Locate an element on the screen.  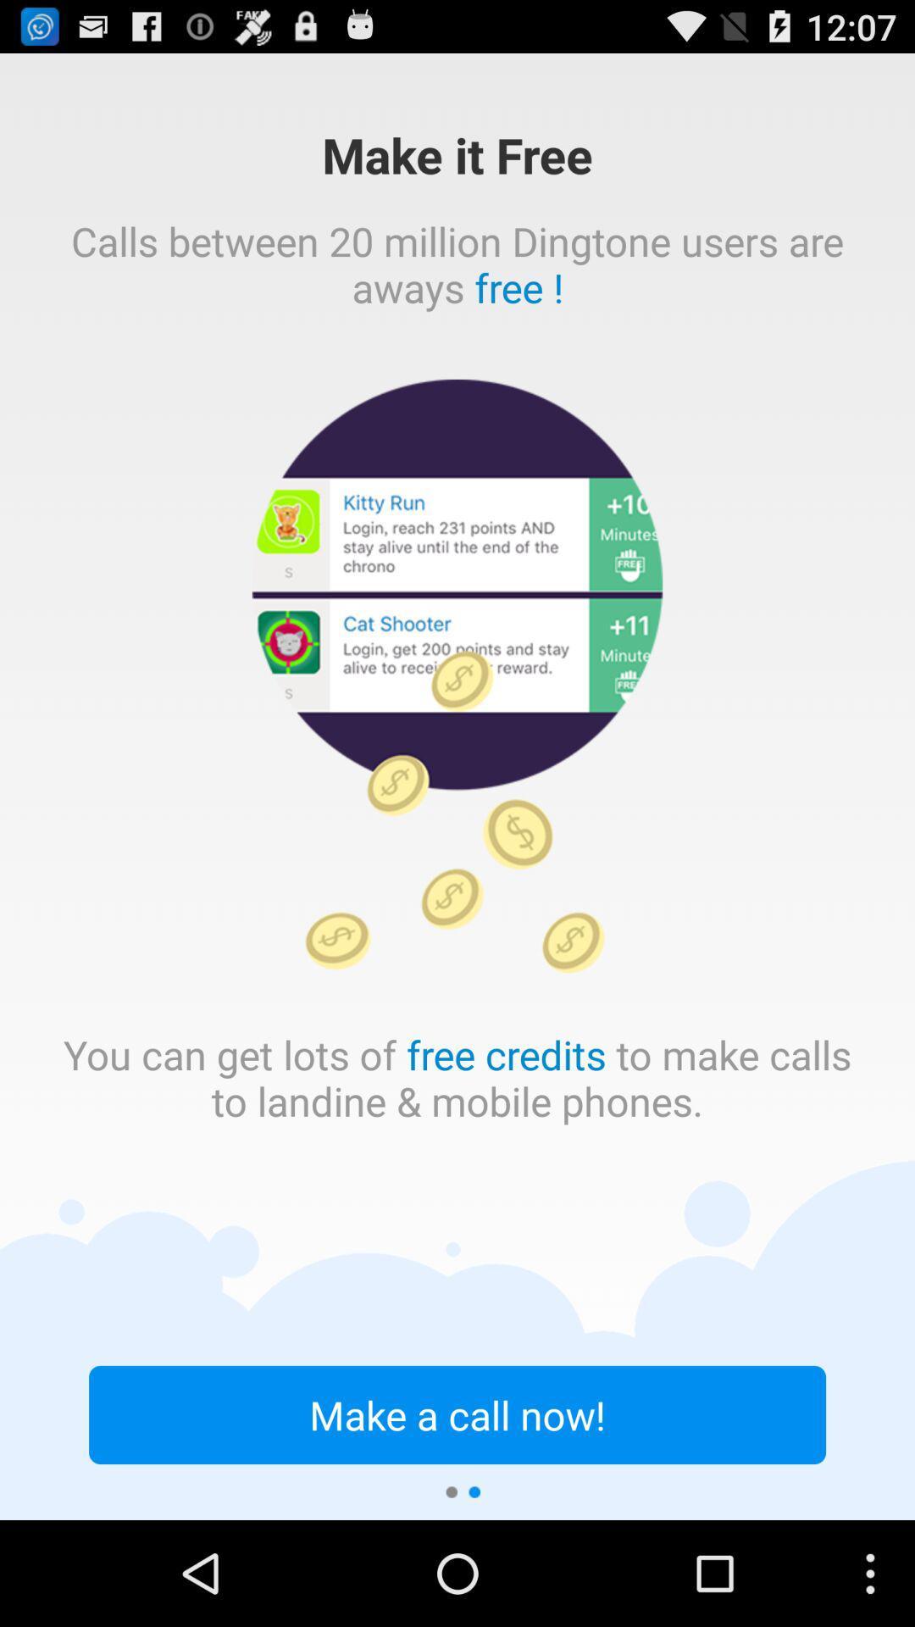
the make a call item is located at coordinates (457, 1414).